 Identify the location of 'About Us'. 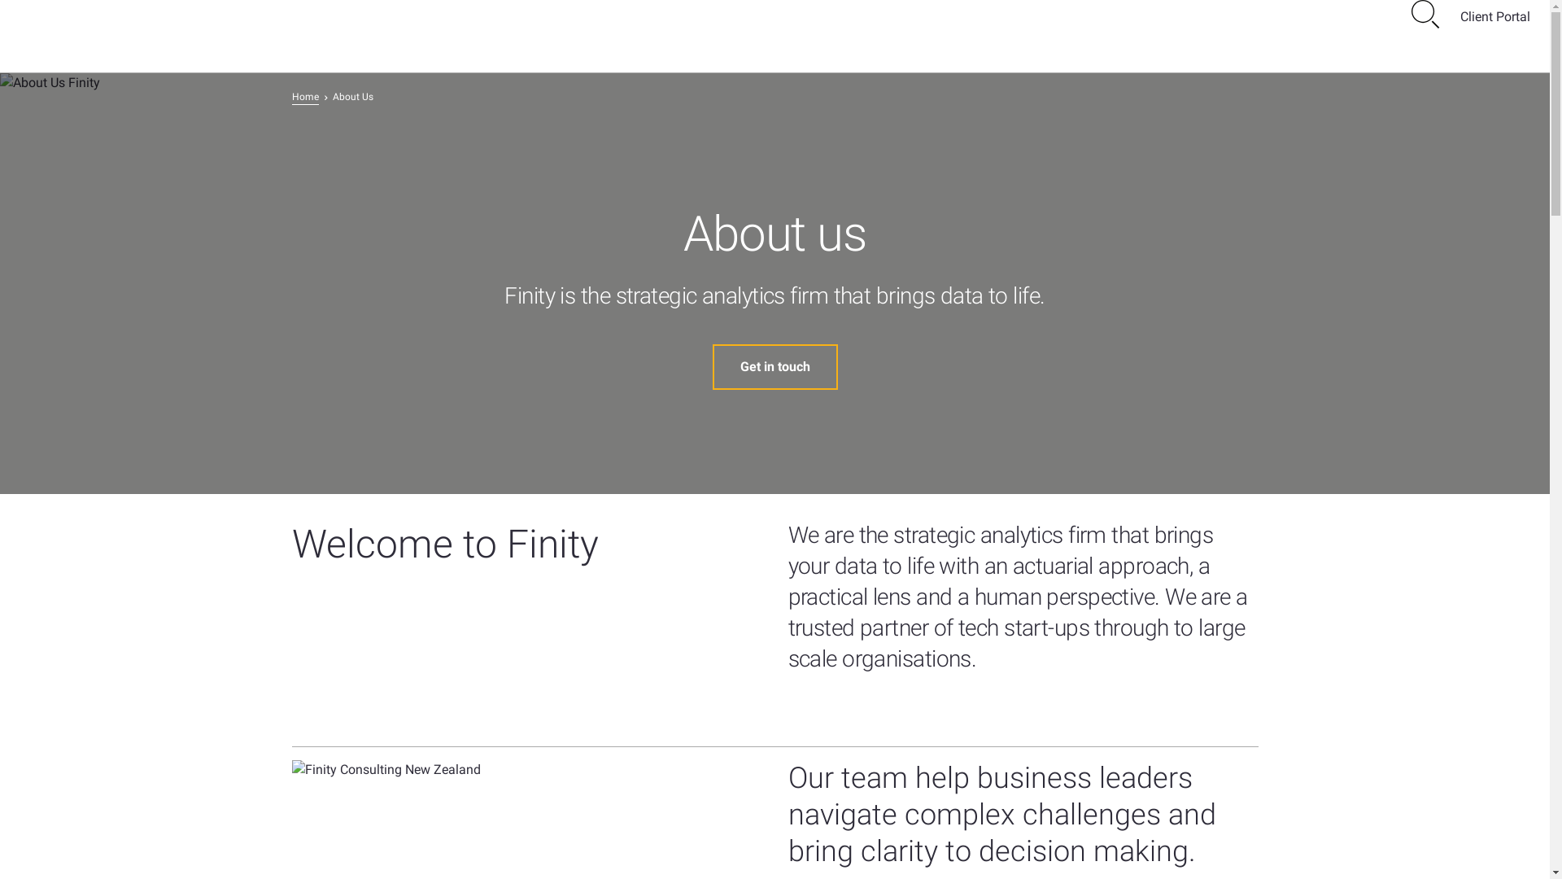
(351, 97).